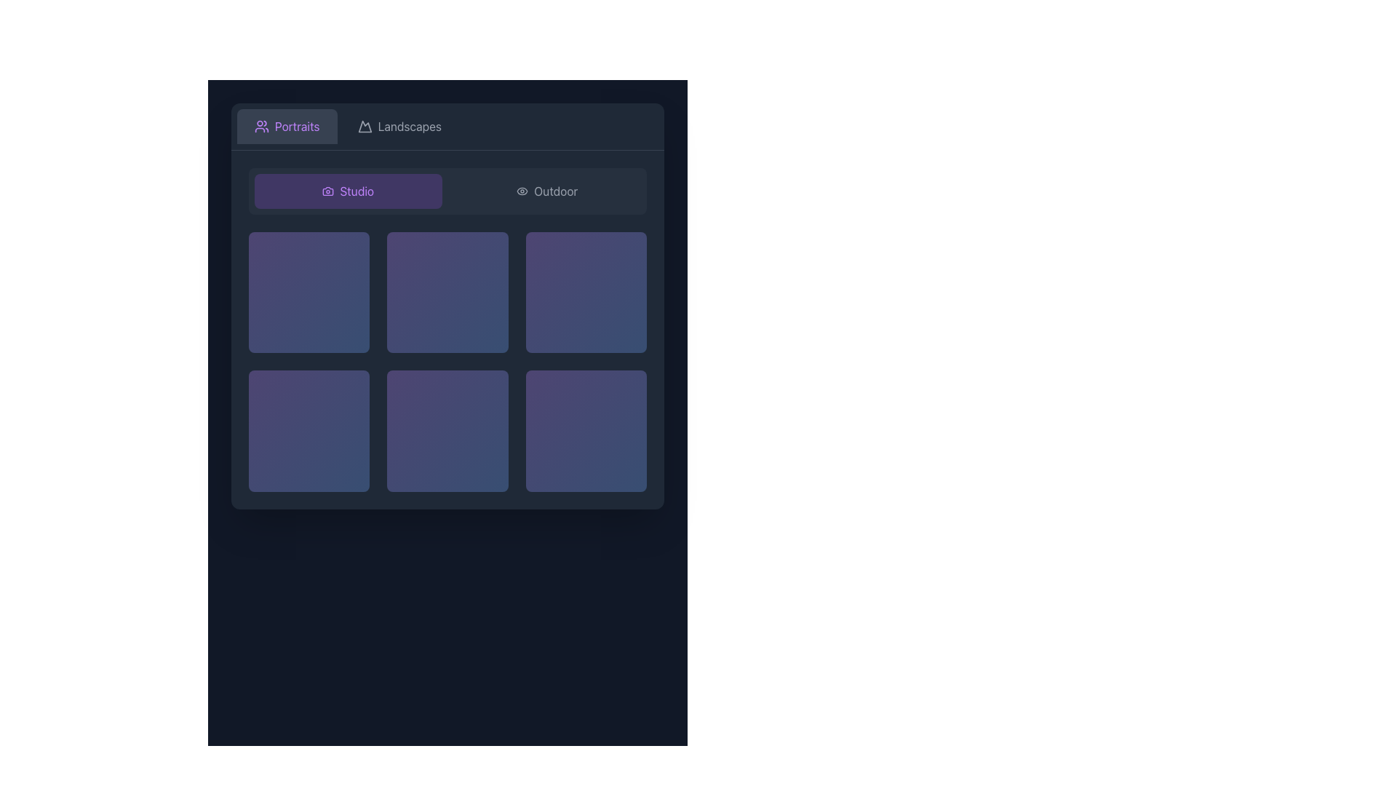  What do you see at coordinates (365, 125) in the screenshot?
I see `the 'Landscapes' icon in the navigation bar` at bounding box center [365, 125].